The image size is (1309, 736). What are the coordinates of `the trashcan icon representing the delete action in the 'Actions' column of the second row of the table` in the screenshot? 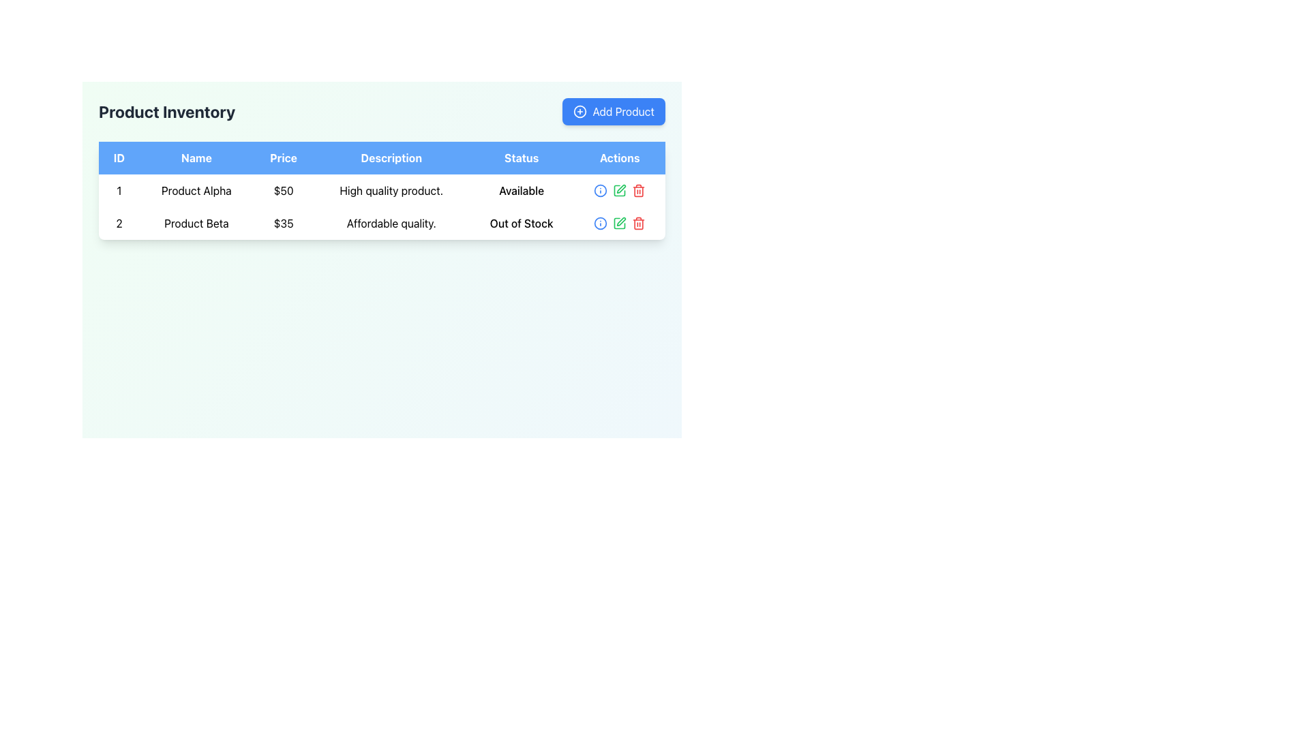 It's located at (638, 224).